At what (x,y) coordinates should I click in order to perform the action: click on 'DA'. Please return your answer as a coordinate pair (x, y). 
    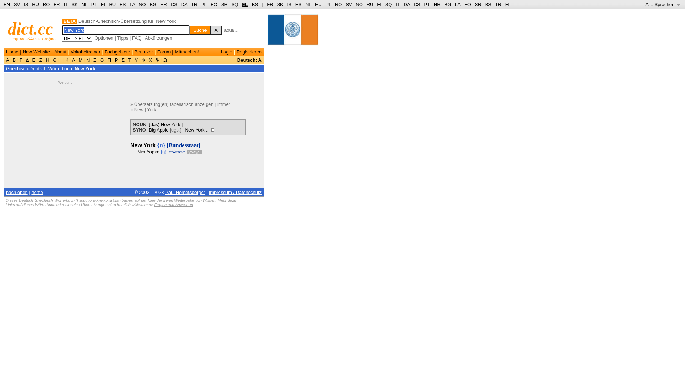
    Looking at the image, I should click on (407, 4).